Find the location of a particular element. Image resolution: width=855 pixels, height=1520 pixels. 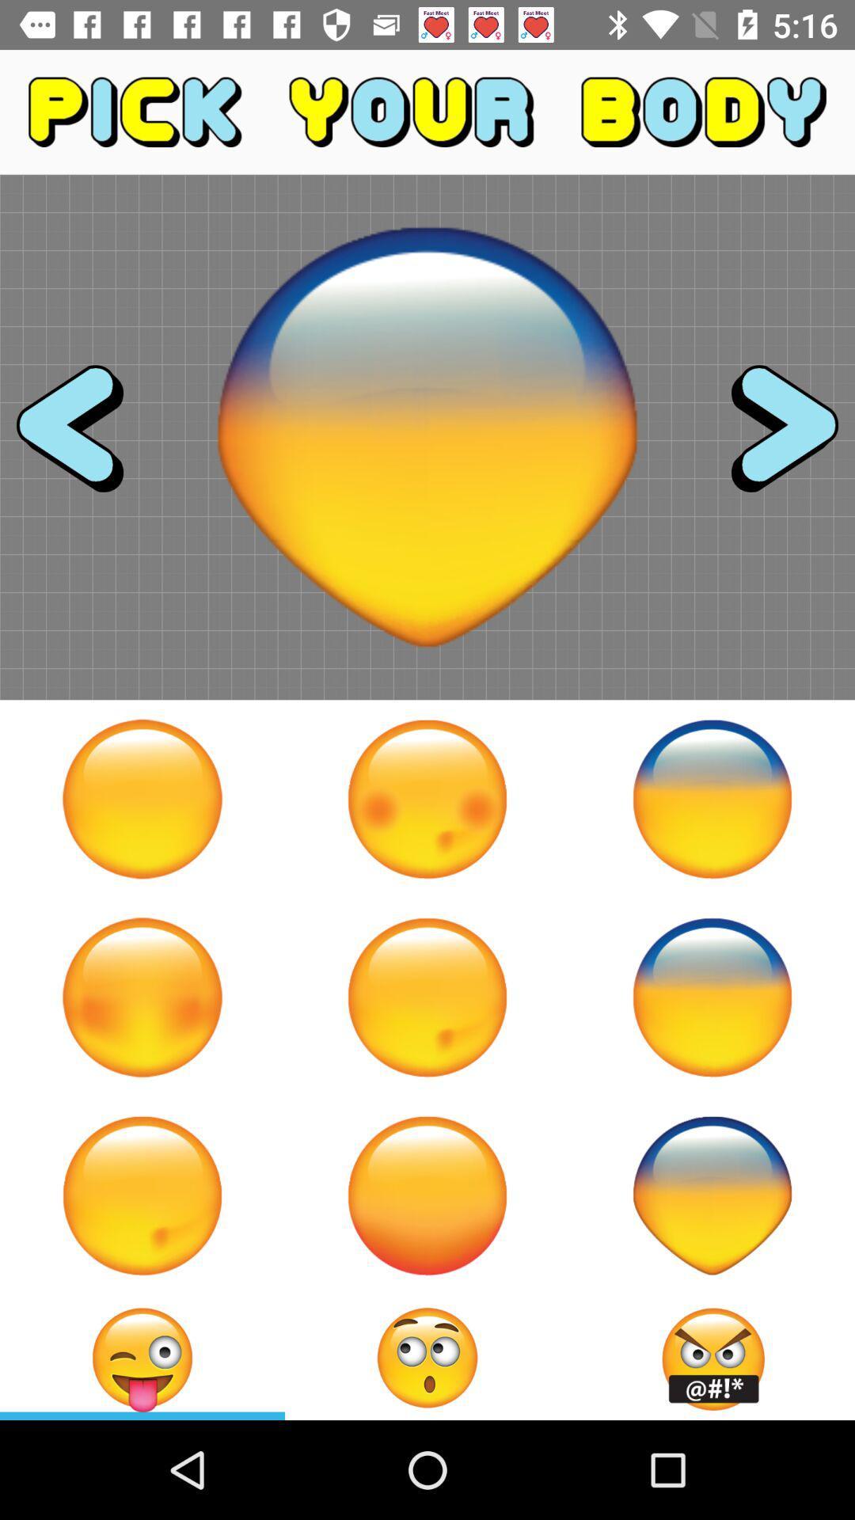

pick you body click first image is located at coordinates (142, 799).